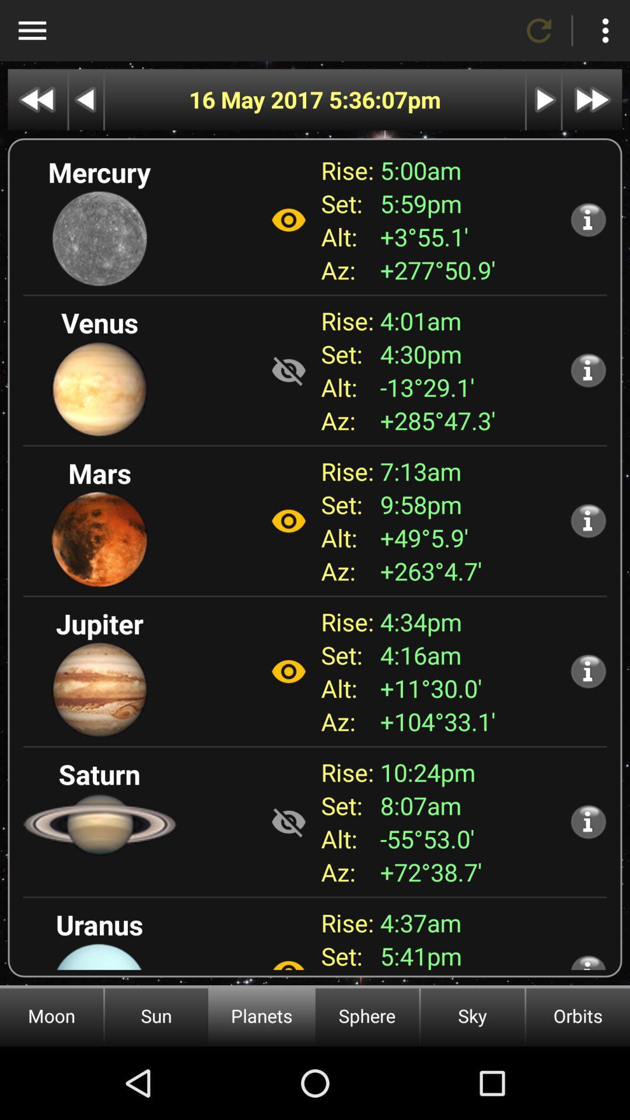  What do you see at coordinates (32, 30) in the screenshot?
I see `the menu icon` at bounding box center [32, 30].